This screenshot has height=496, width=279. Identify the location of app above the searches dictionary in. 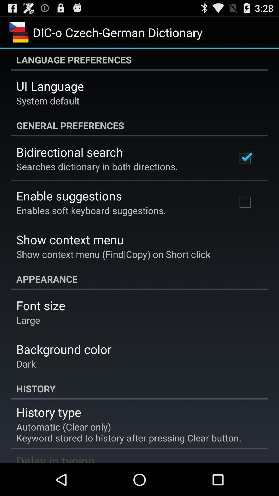
(69, 152).